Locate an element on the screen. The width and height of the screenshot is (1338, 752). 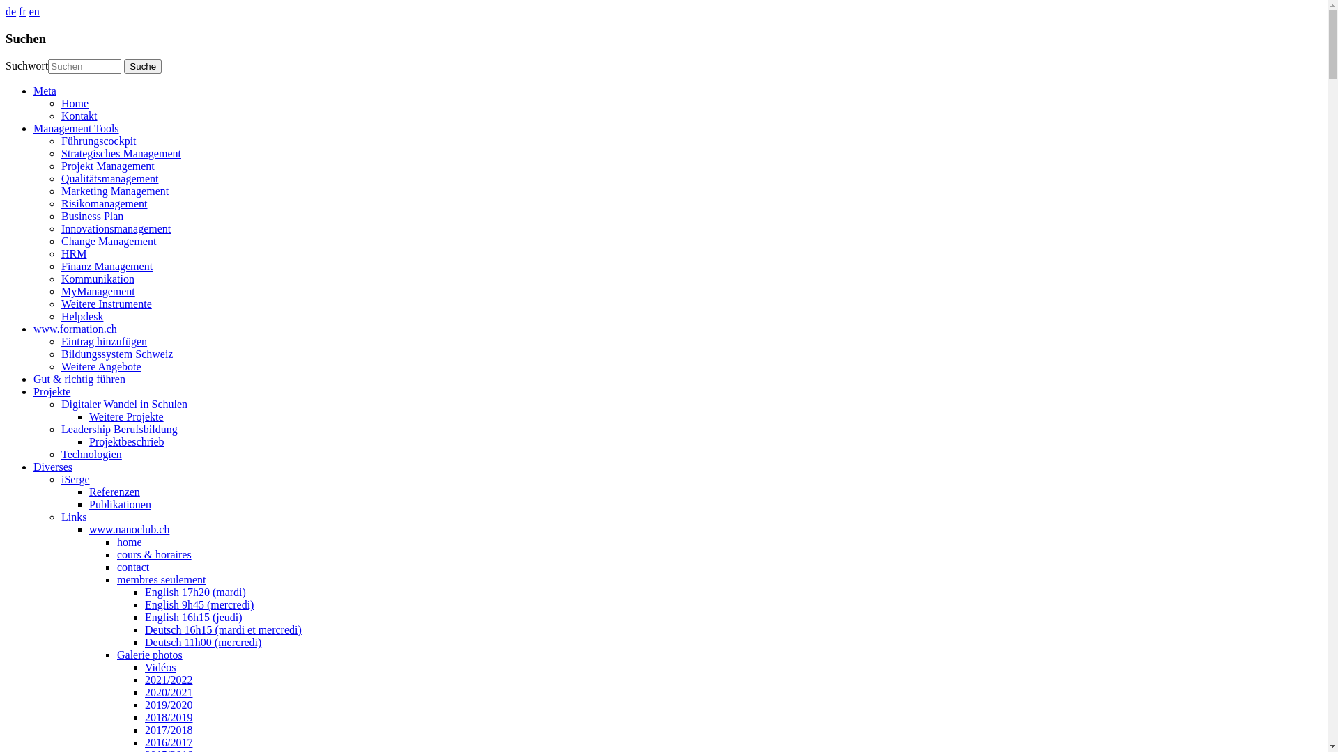
'Kommunikation' is located at coordinates (97, 279).